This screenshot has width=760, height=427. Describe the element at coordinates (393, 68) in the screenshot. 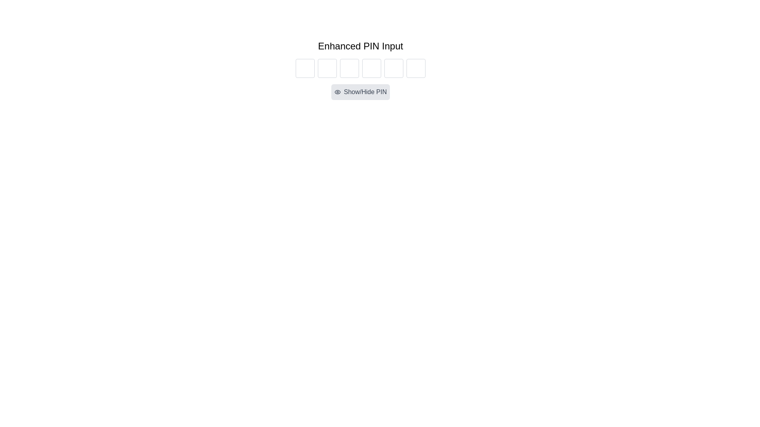

I see `the fifth input box in the Enhanced PIN Input section to focus on it` at that location.